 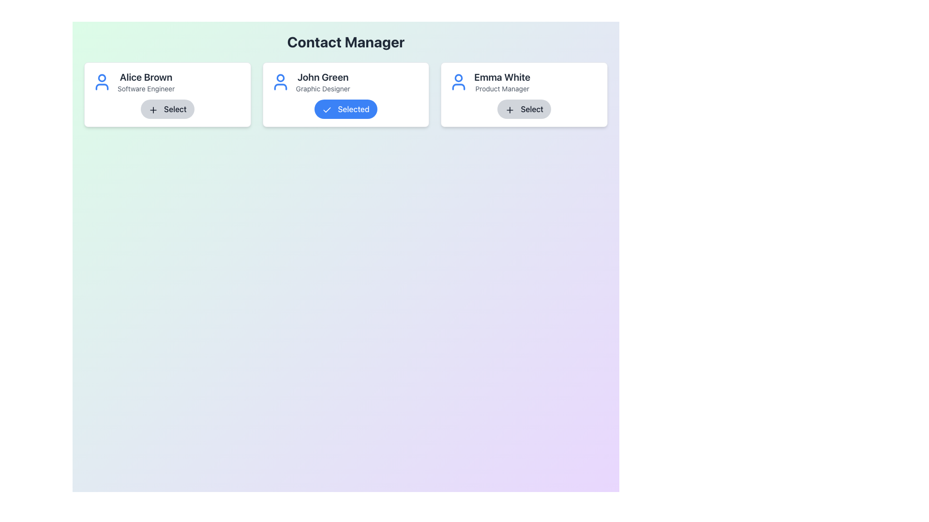 I want to click on the text label indicating the role 'Graphic Designer' of 'John Green', positioned below the name and above the 'Selected' button in the card layout, so click(x=323, y=89).